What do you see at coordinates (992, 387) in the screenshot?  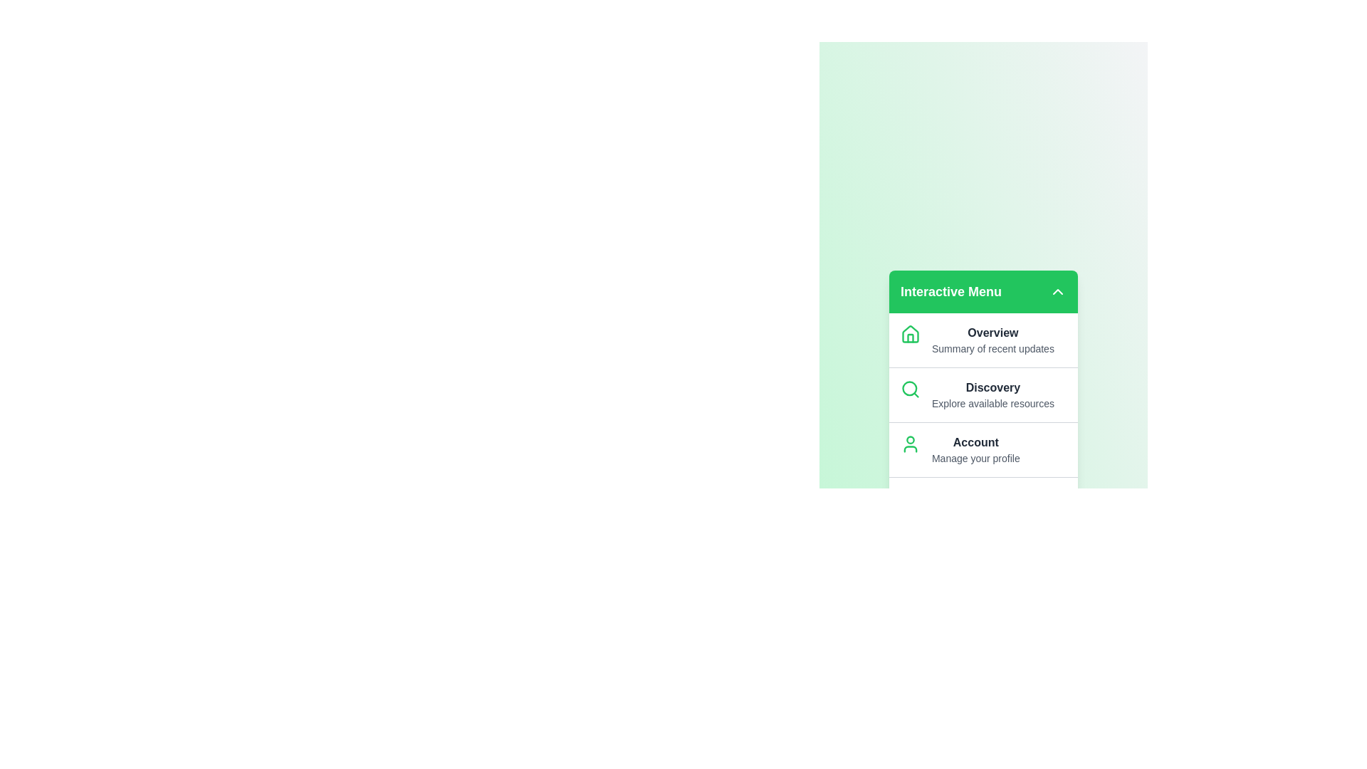 I see `the menu item labeled Discovery to navigate to its section` at bounding box center [992, 387].